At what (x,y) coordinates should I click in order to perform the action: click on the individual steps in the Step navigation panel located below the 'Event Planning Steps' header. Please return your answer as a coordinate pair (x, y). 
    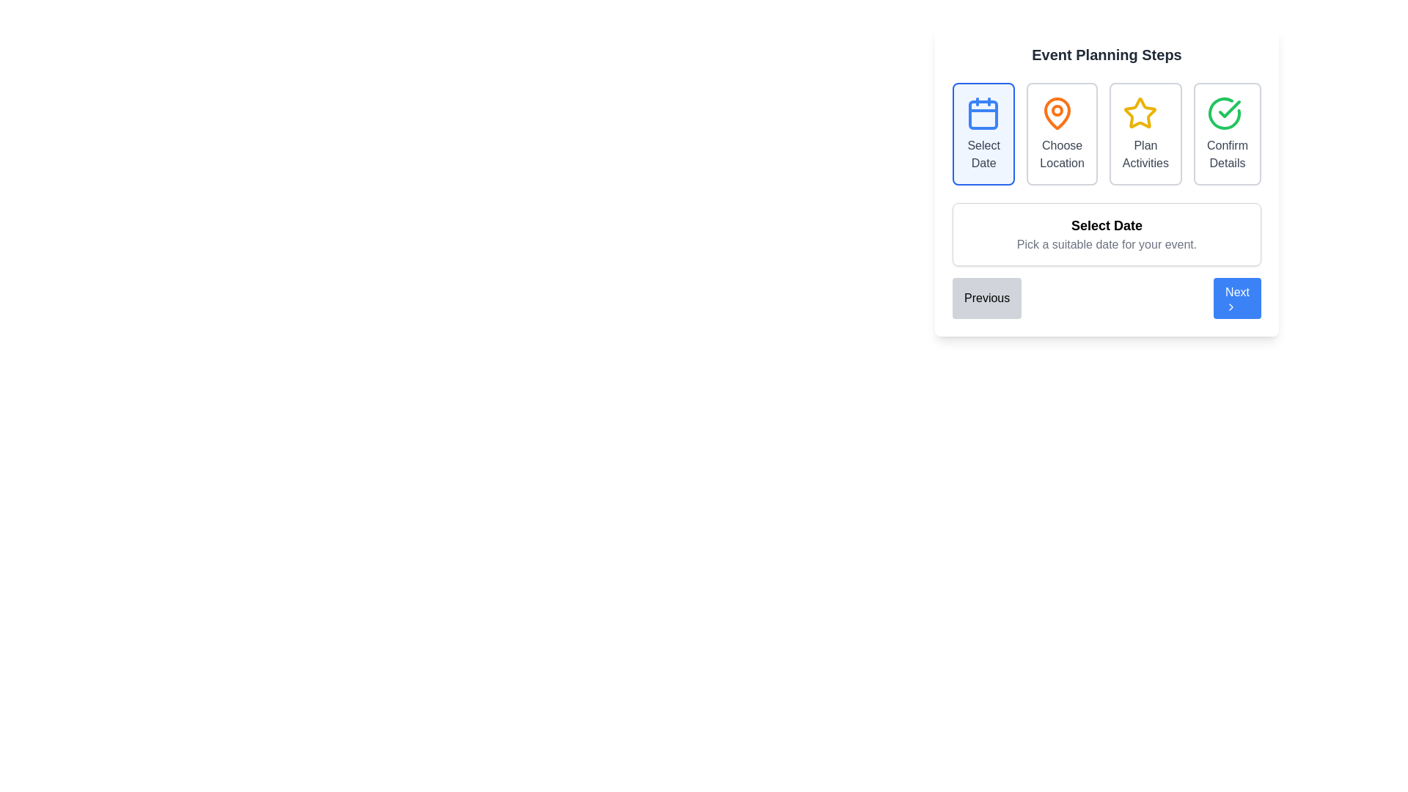
    Looking at the image, I should click on (1107, 133).